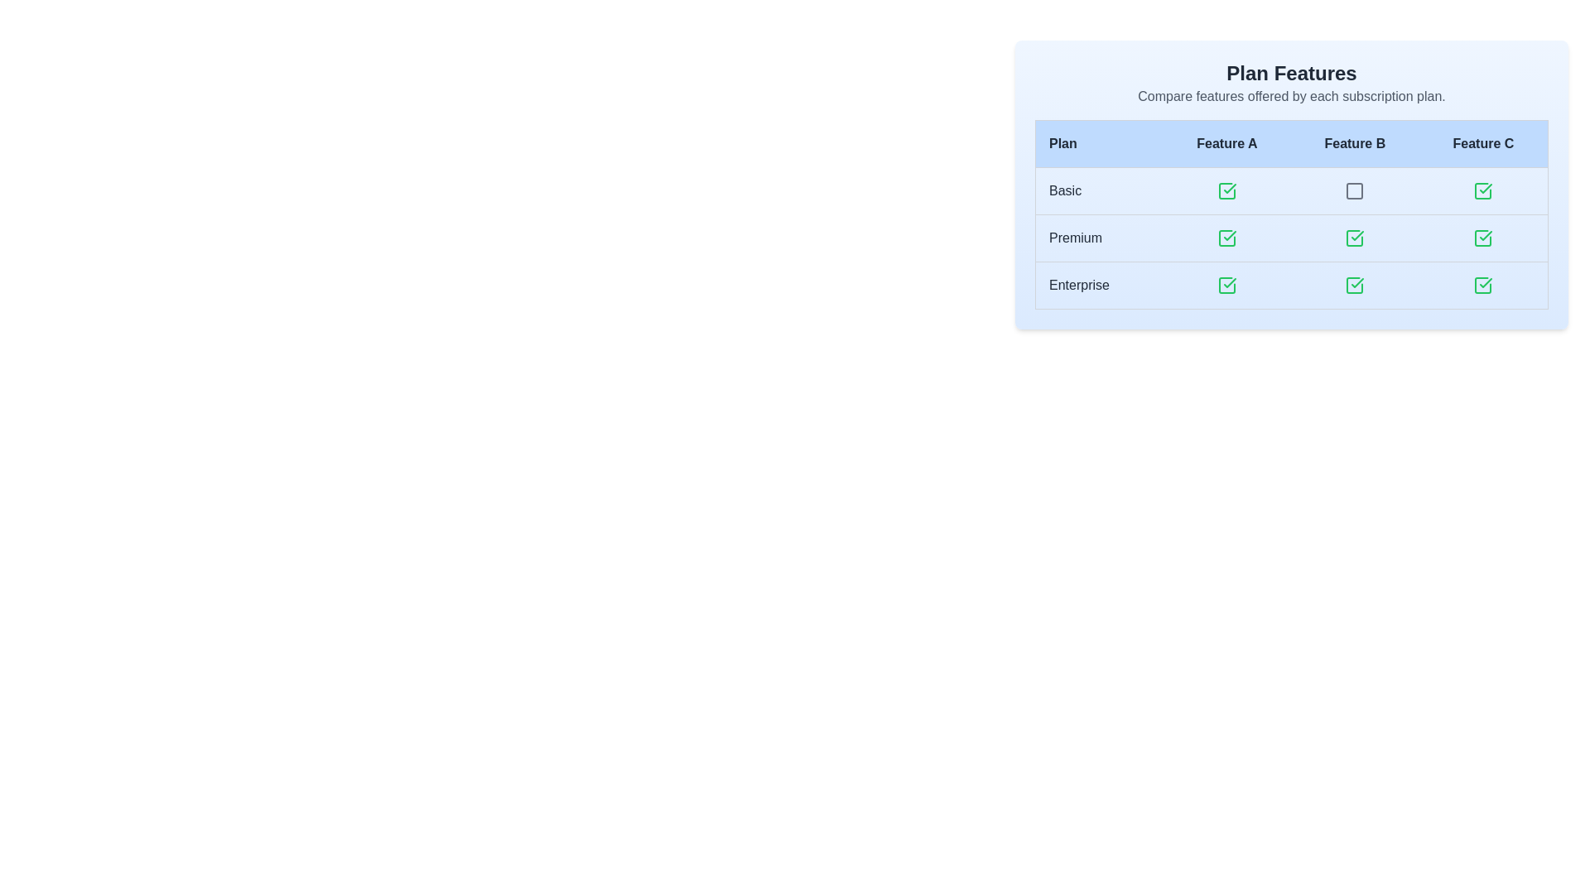  What do you see at coordinates (1355, 284) in the screenshot?
I see `the visually represented checkbox with a green outline and checkmark located in the 'Enterprise' row and 'Feature B' column of the comparative feature table` at bounding box center [1355, 284].